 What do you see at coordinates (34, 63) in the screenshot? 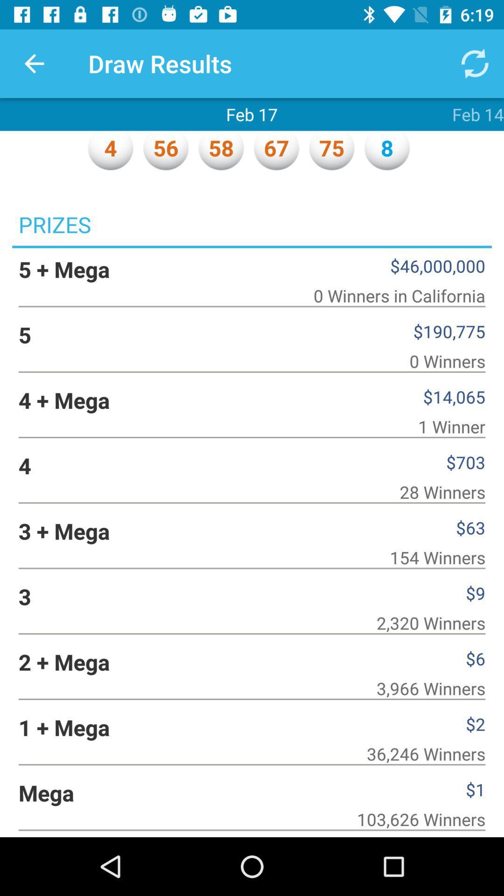
I see `item above prizes icon` at bounding box center [34, 63].